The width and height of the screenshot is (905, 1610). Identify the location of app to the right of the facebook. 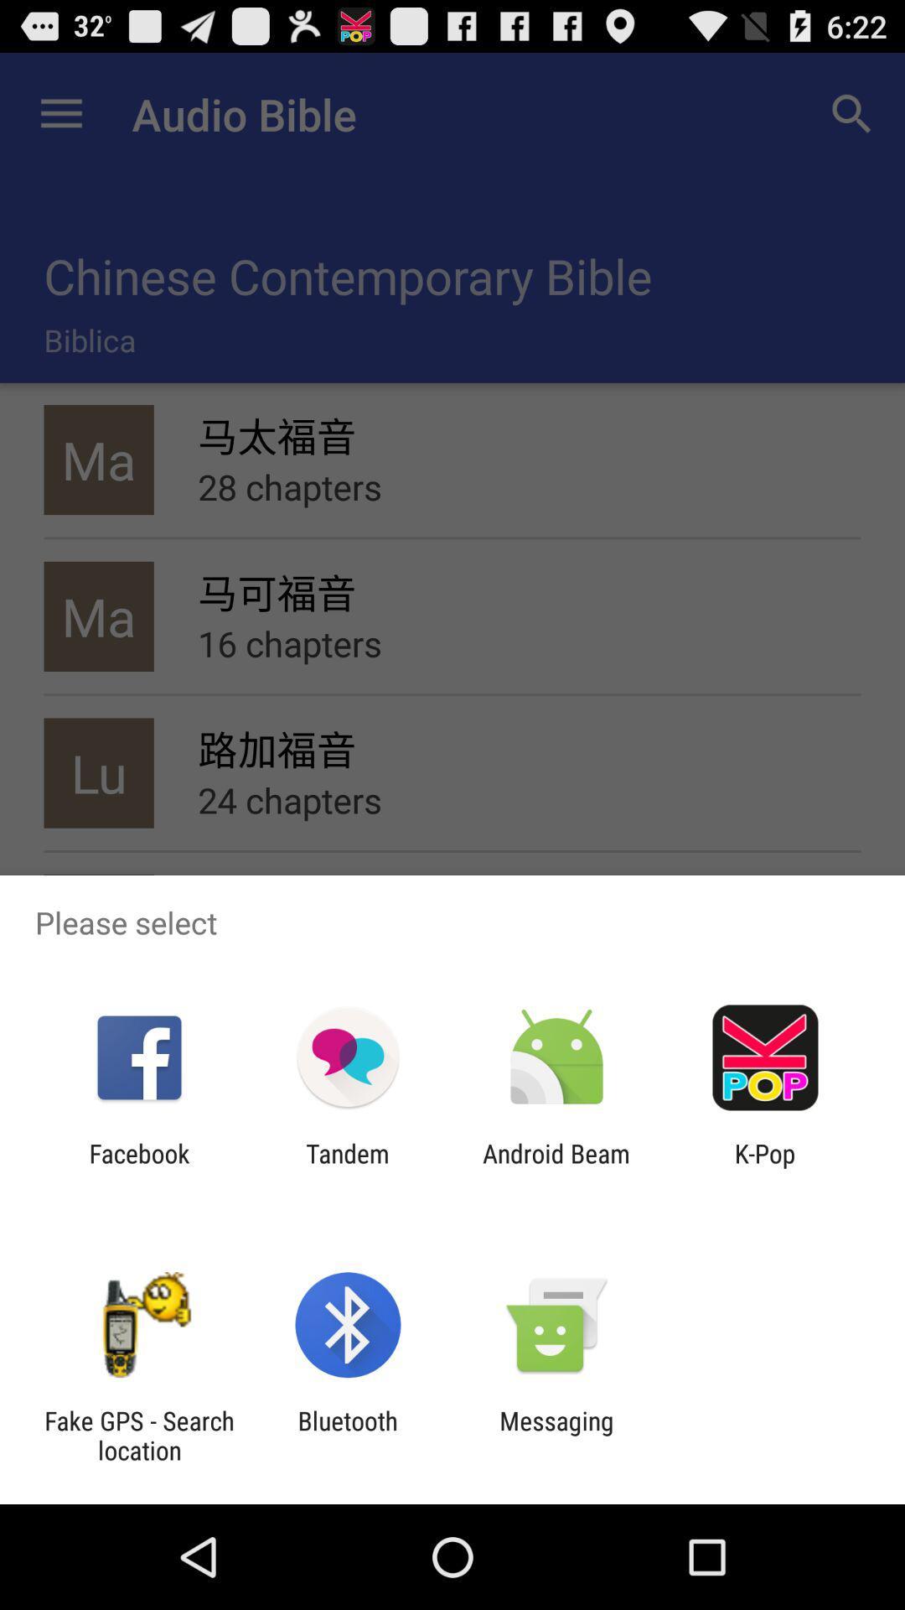
(347, 1167).